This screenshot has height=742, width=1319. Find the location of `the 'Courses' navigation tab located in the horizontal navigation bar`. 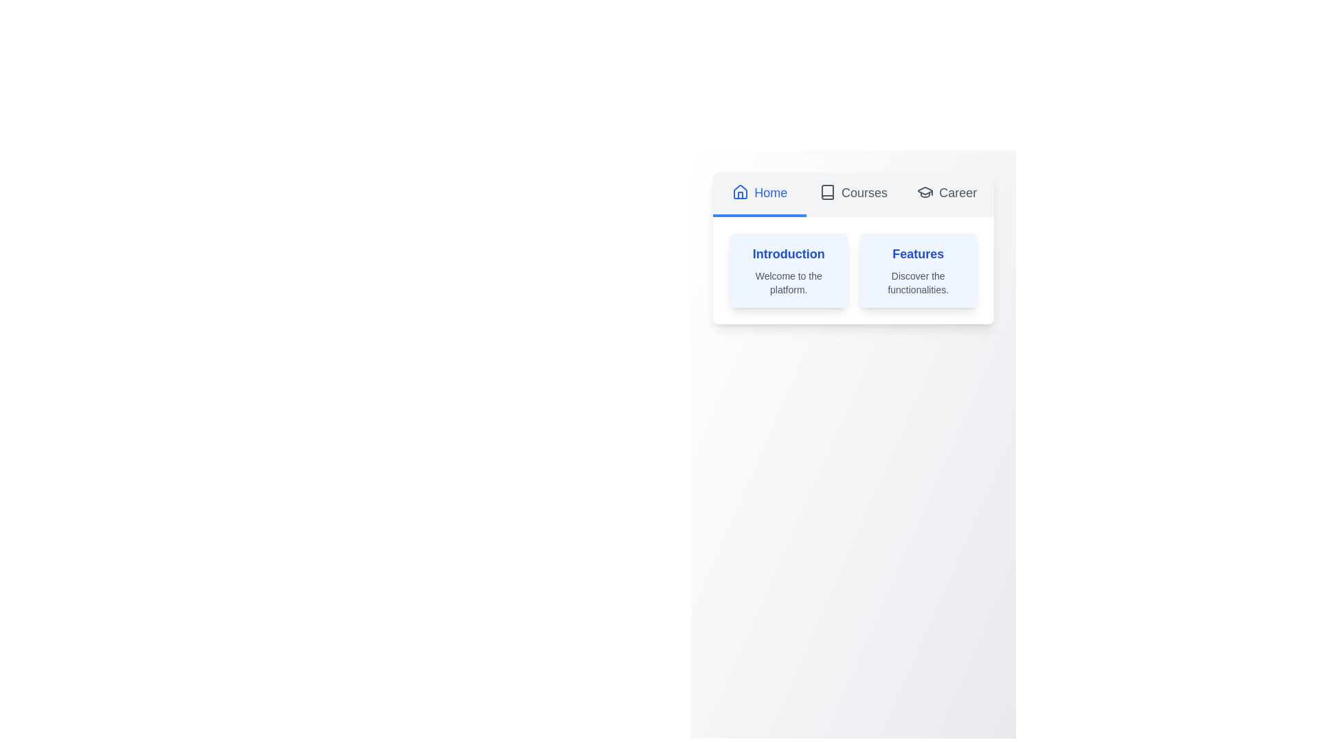

the 'Courses' navigation tab located in the horizontal navigation bar is located at coordinates (853, 194).